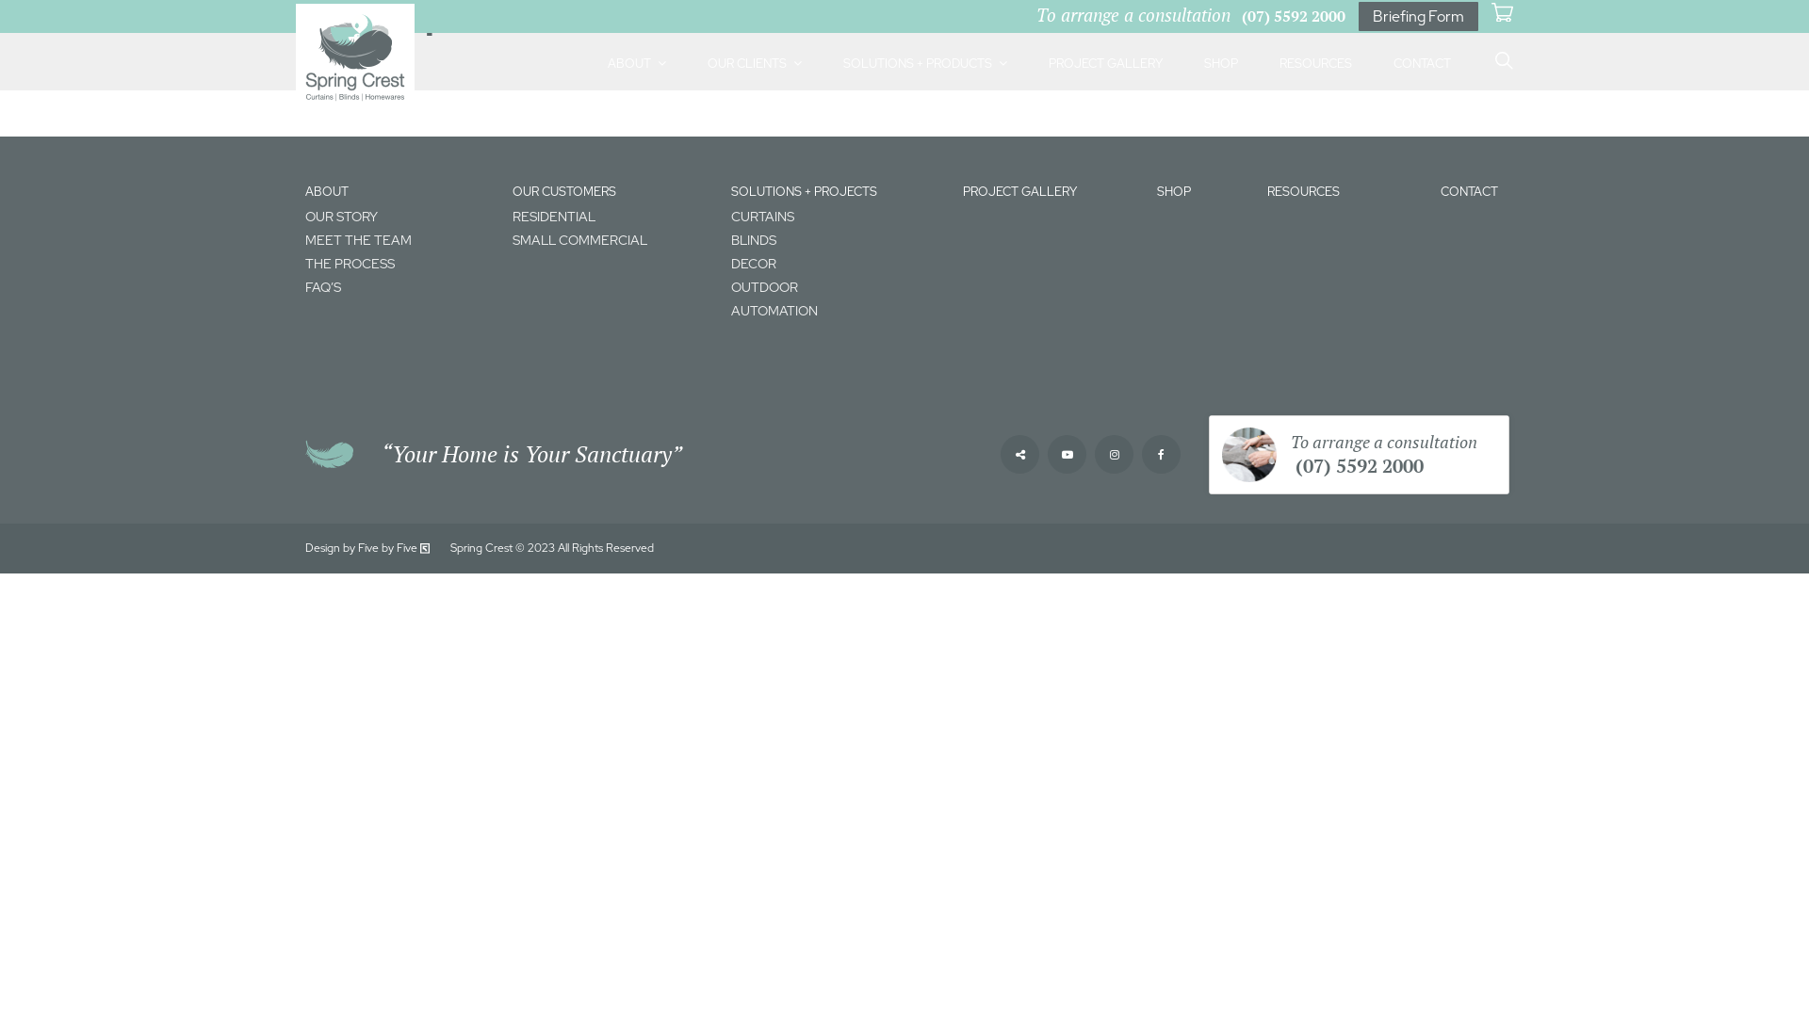 This screenshot has height=1017, width=1809. I want to click on 'DECOR', so click(836, 264).